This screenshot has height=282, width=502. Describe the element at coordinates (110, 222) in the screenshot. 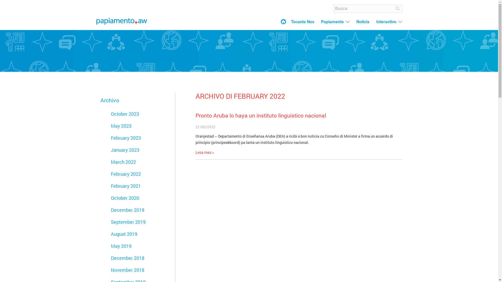

I see `'September 2019'` at that location.